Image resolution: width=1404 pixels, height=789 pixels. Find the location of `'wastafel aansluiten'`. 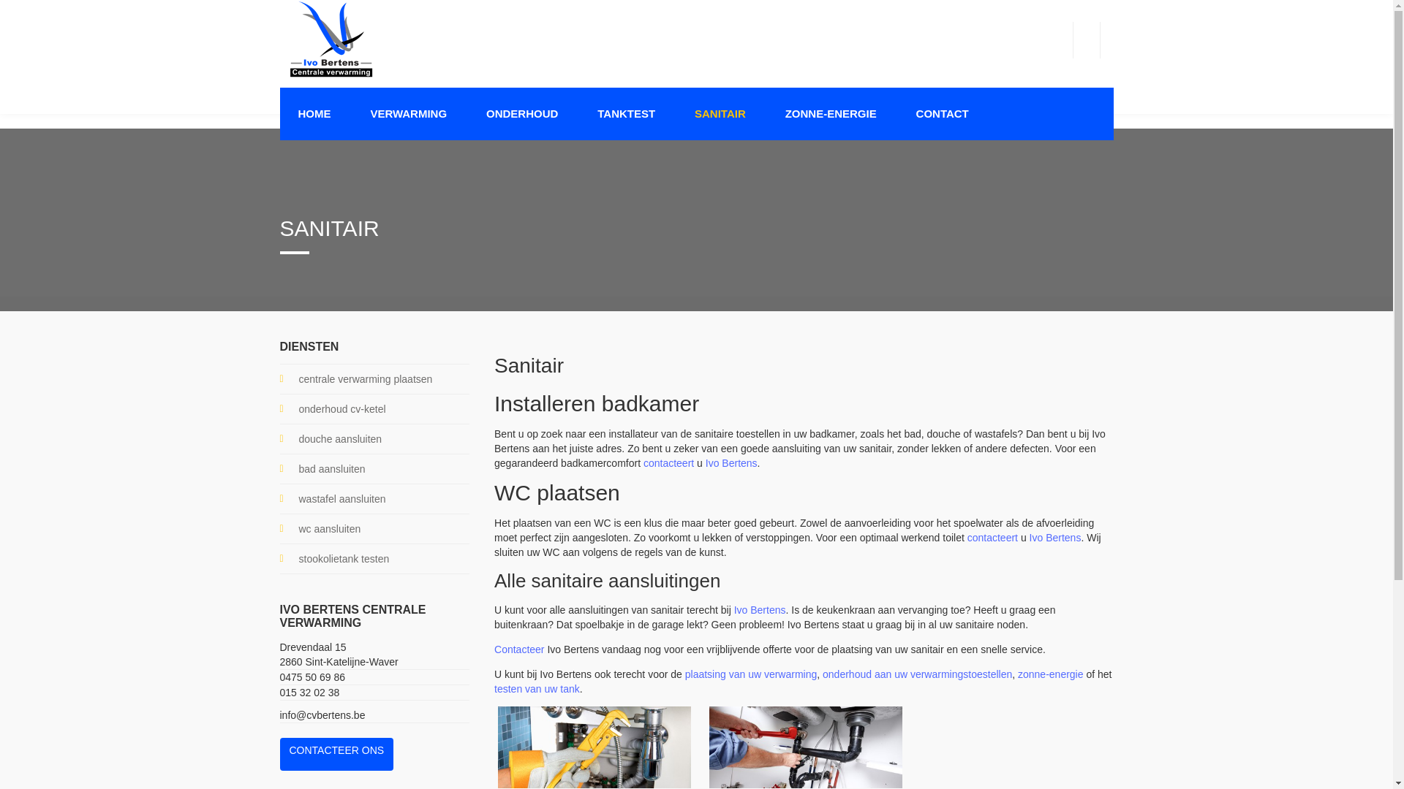

'wastafel aansluiten' is located at coordinates (374, 498).